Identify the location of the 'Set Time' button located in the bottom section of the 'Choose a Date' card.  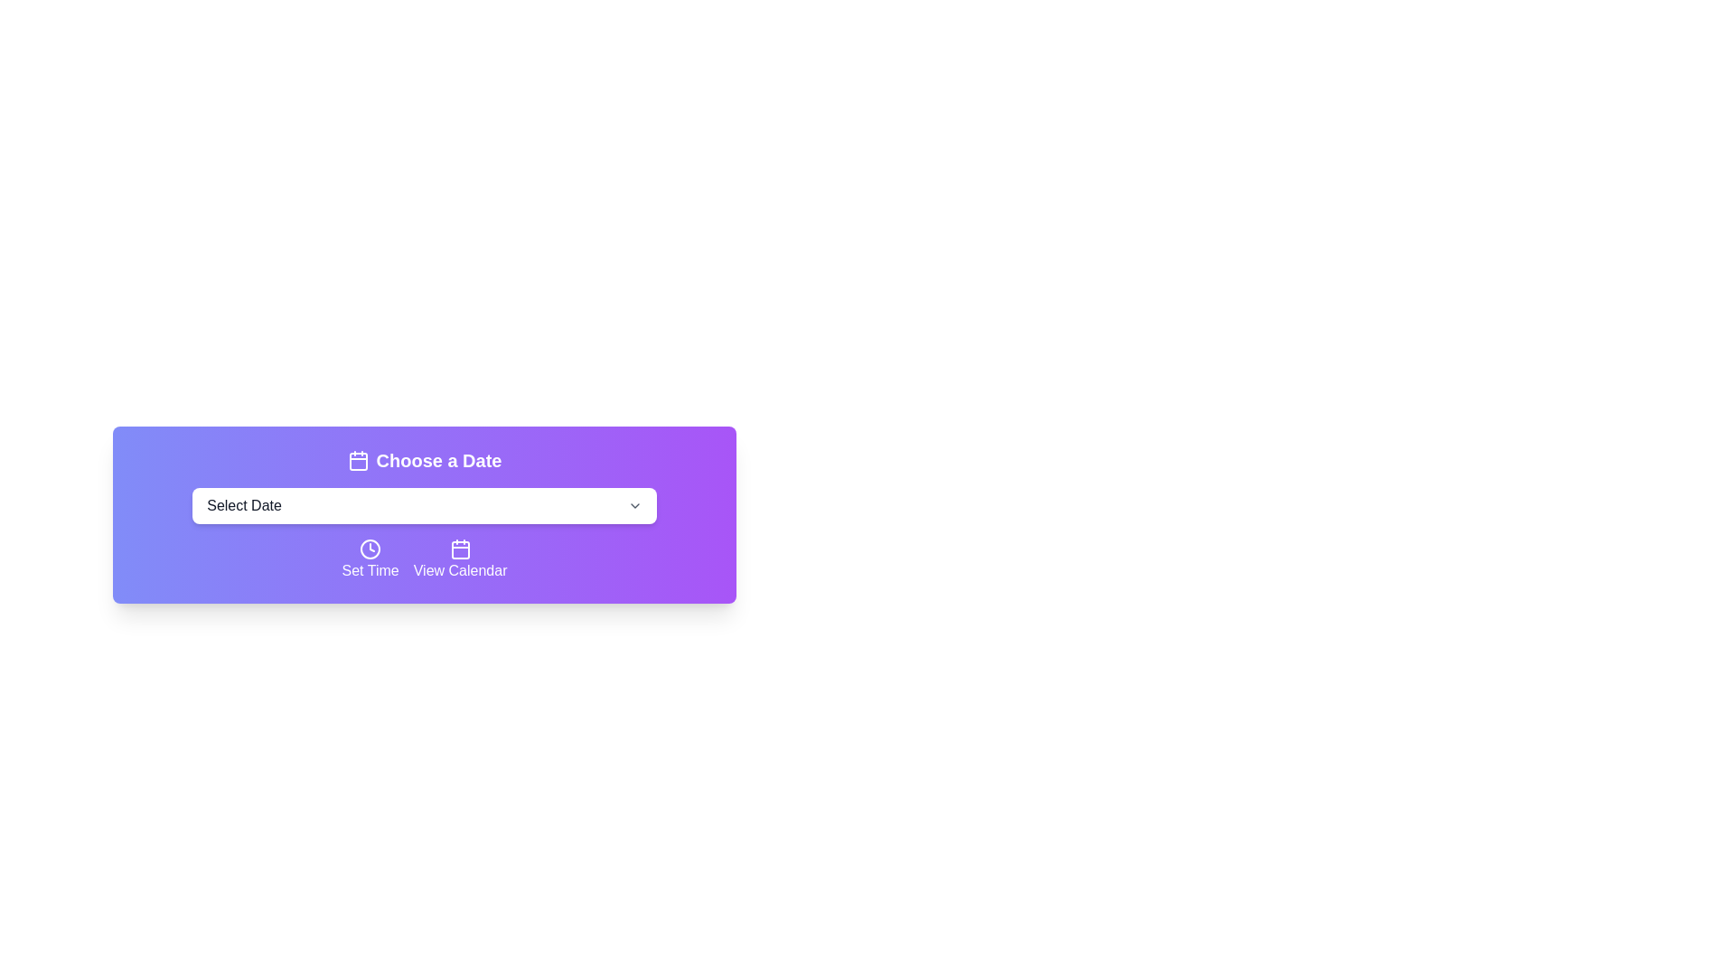
(370, 559).